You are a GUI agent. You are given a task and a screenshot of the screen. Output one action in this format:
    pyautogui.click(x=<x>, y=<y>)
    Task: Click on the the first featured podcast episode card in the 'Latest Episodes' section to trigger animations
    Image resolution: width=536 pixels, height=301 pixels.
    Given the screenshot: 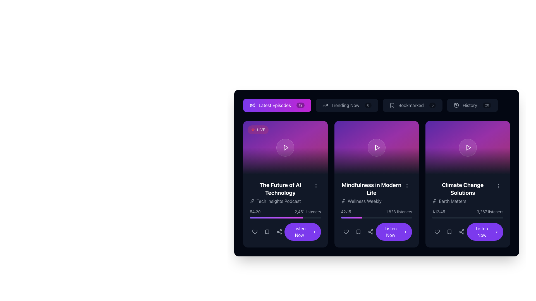 What is the action you would take?
    pyautogui.click(x=285, y=184)
    